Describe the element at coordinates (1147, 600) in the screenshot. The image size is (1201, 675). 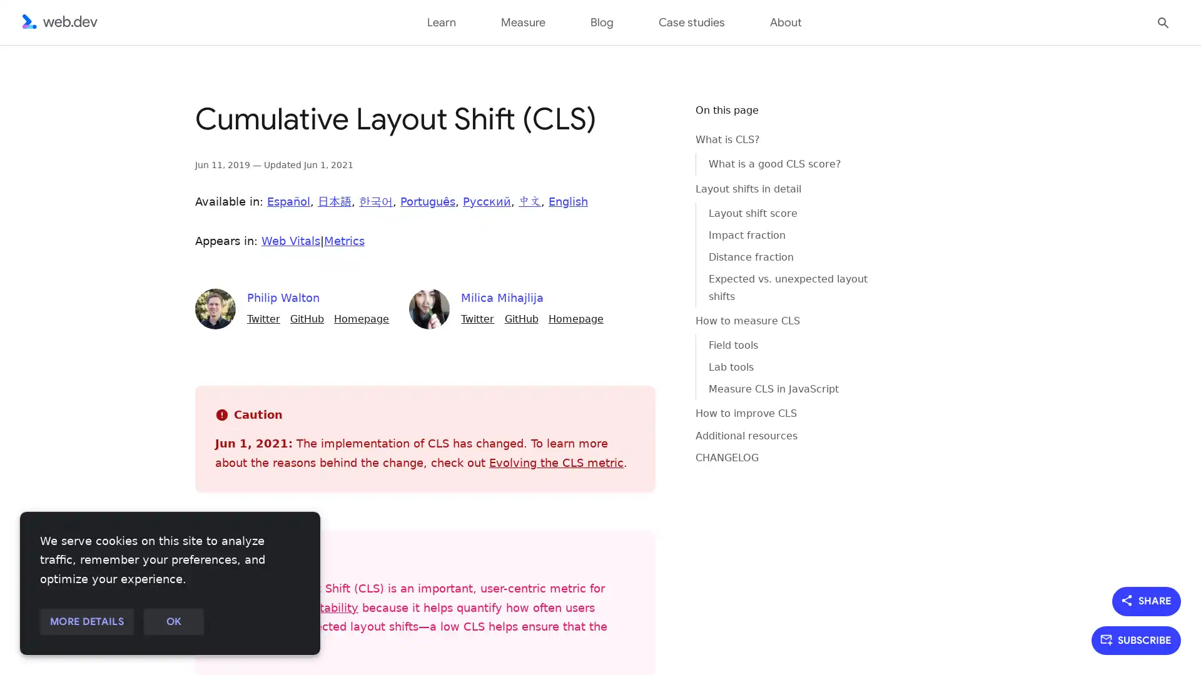
I see `SHARE` at that location.